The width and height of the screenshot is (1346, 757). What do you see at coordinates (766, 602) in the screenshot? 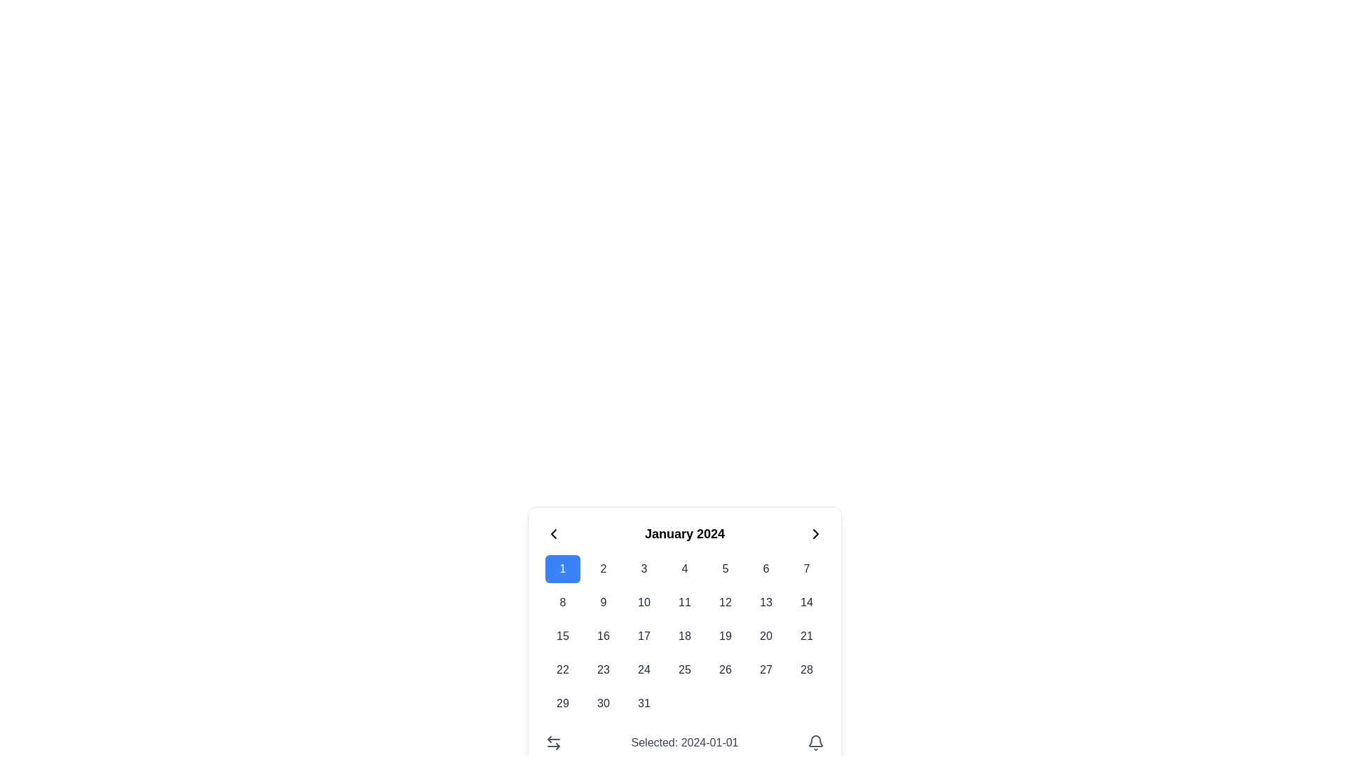
I see `the calendar date button representing January 13, 2024, to select and confirm the date` at bounding box center [766, 602].